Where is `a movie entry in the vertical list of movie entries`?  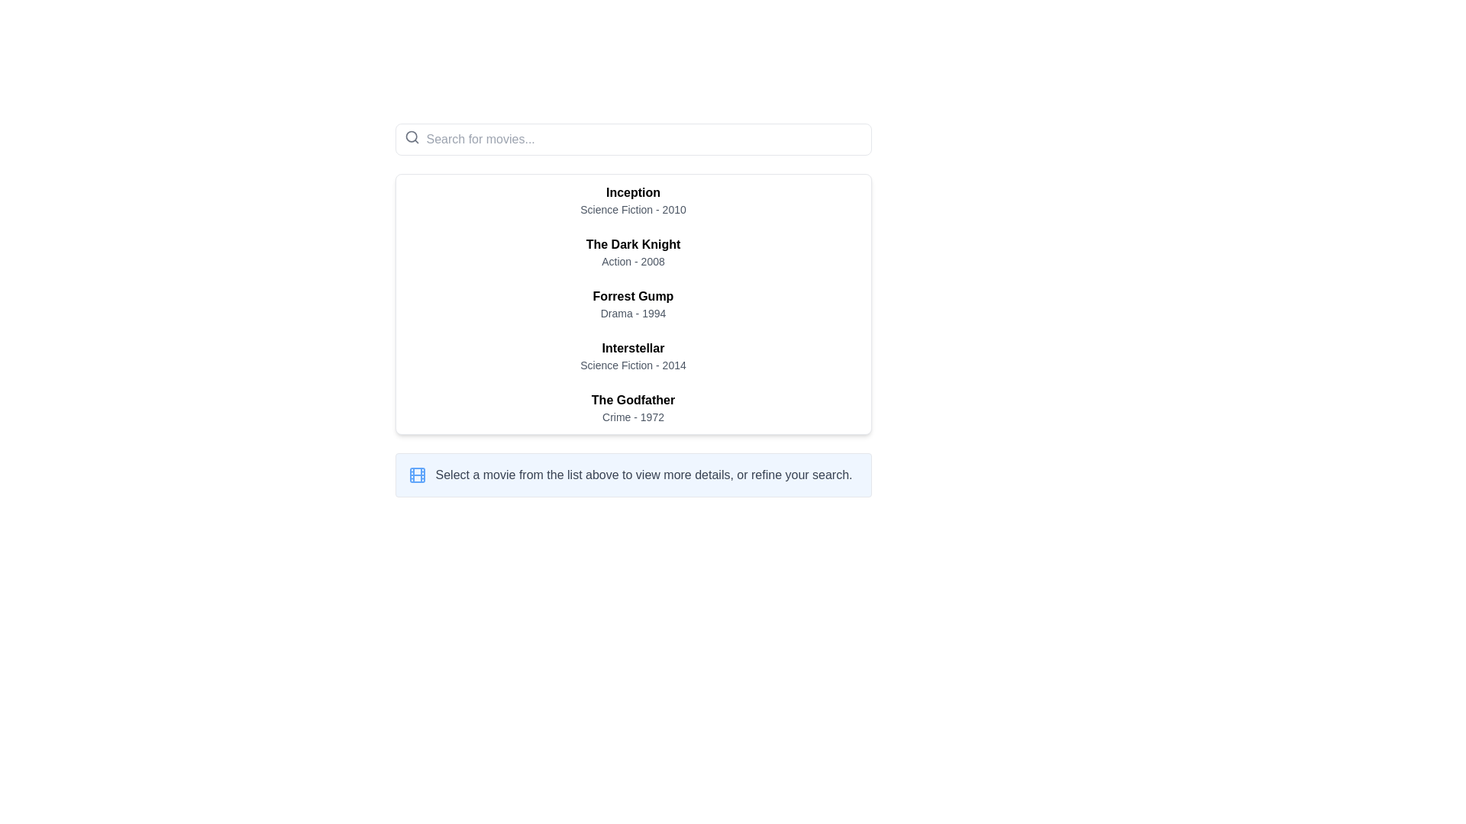
a movie entry in the vertical list of movie entries is located at coordinates (633, 310).